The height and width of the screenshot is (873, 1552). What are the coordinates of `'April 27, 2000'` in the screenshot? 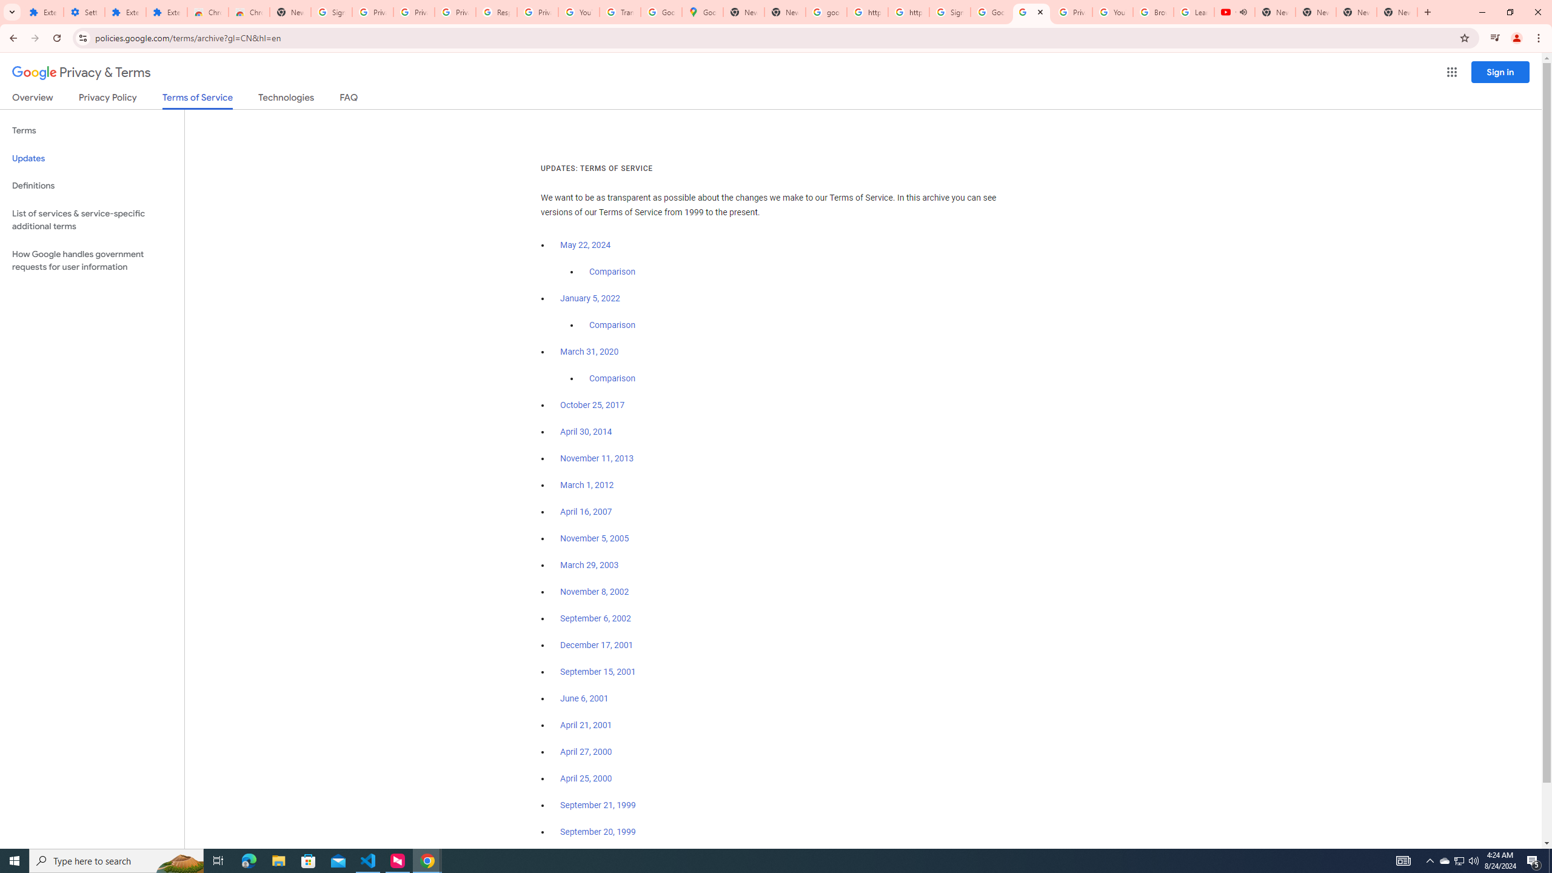 It's located at (586, 751).